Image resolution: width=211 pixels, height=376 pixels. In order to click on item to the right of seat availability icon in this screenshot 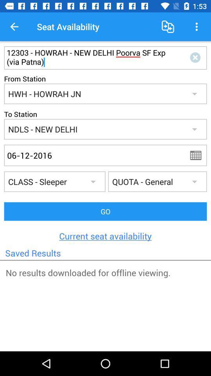, I will do `click(167, 27)`.